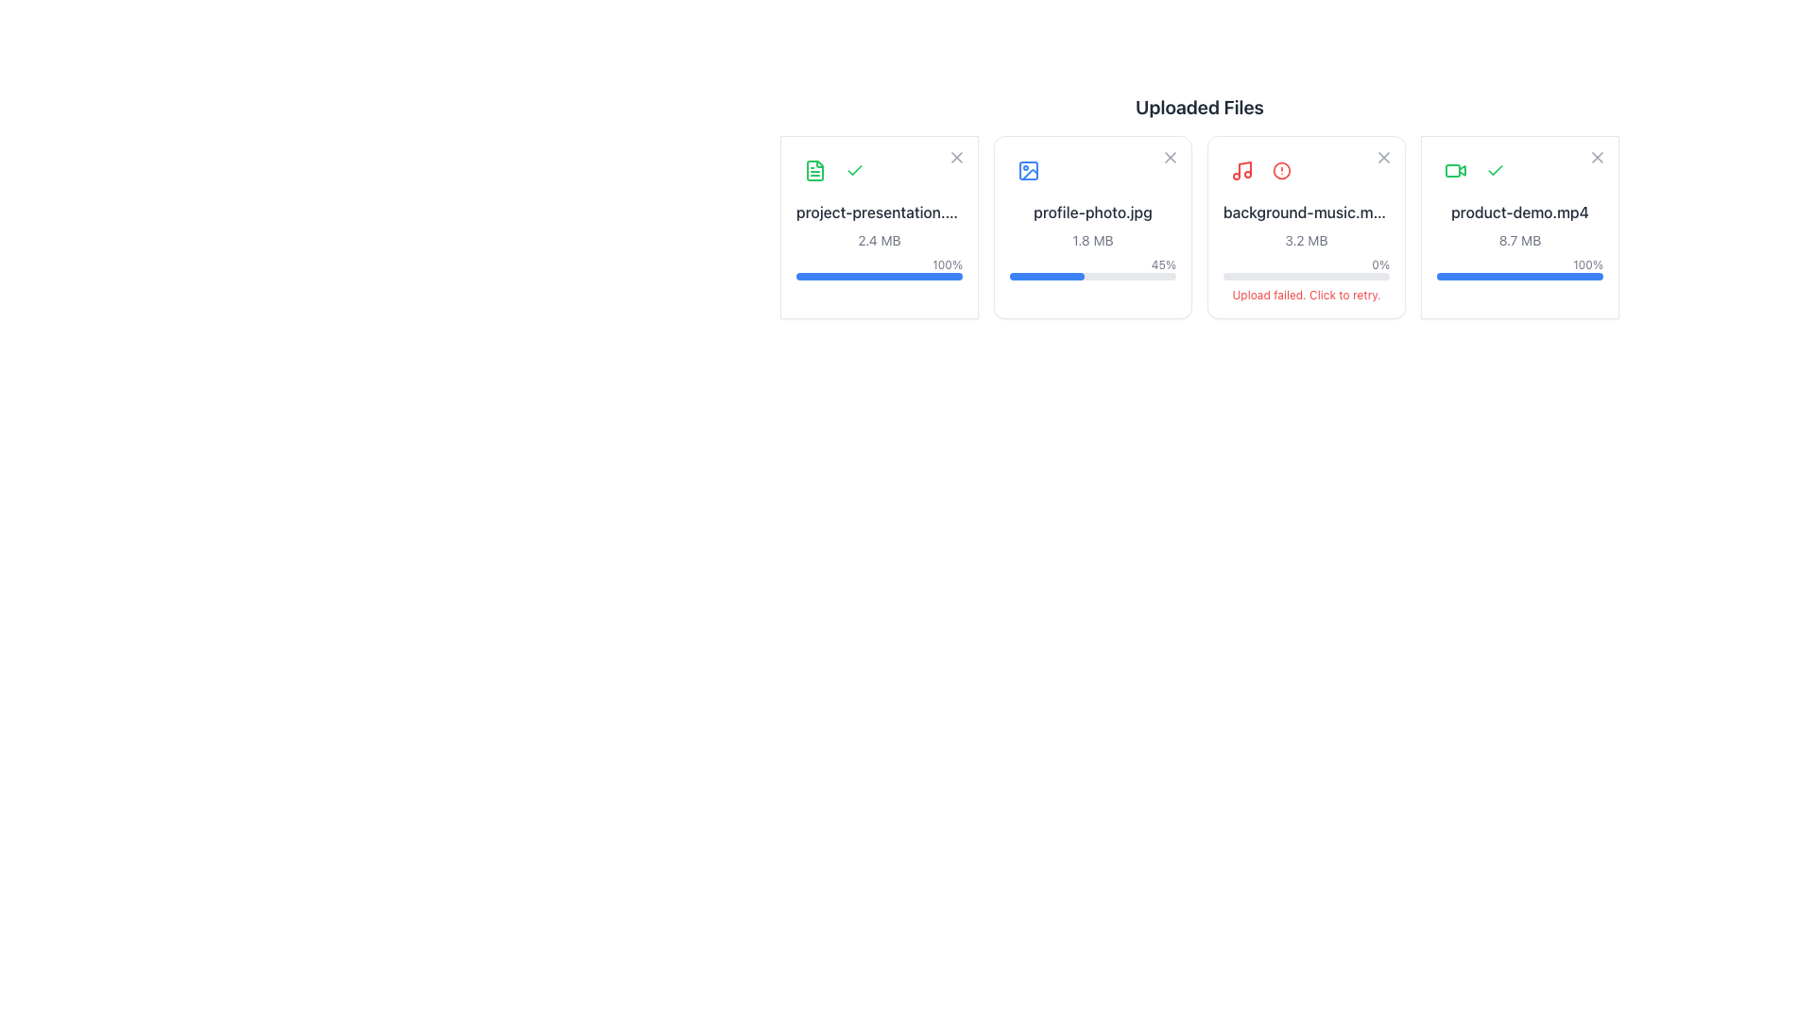 The height and width of the screenshot is (1020, 1814). What do you see at coordinates (1169, 159) in the screenshot?
I see `the small 'X' button located at the upper-right corner of the card displaying 'profile-photo.jpg'` at bounding box center [1169, 159].